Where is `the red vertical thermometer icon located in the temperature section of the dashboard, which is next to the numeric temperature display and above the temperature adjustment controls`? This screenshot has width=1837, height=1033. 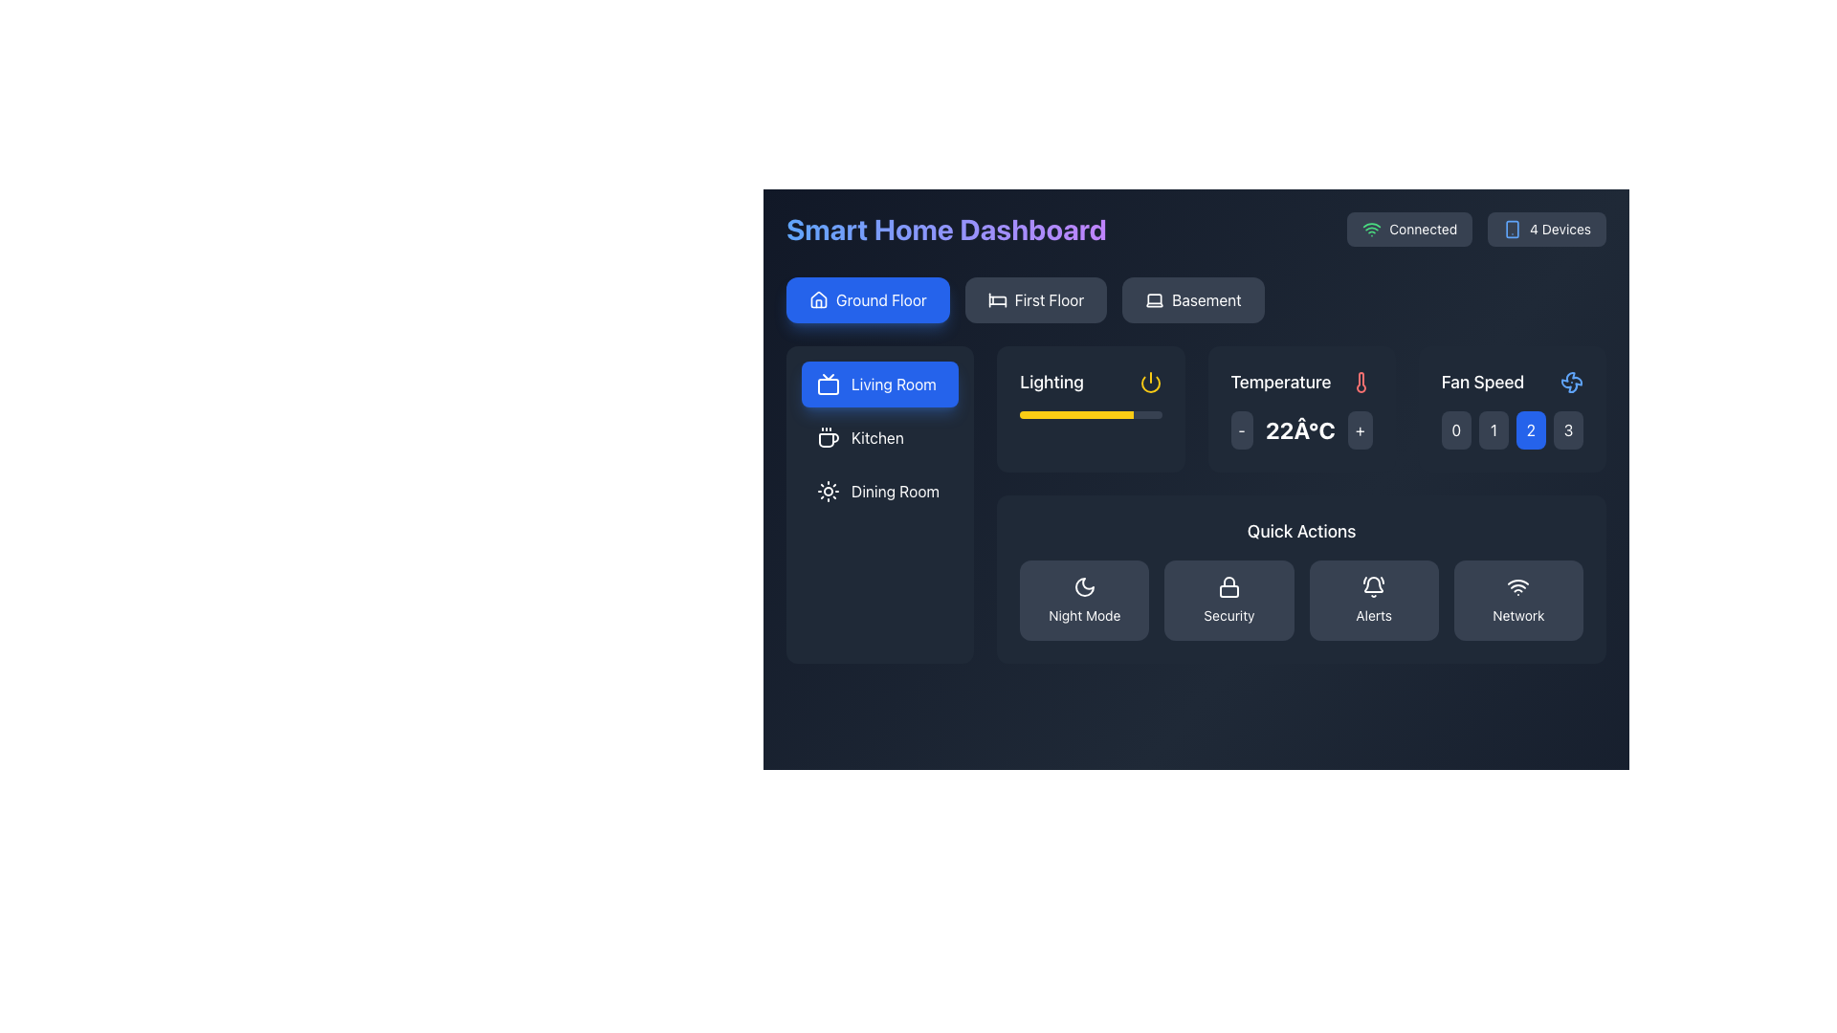 the red vertical thermometer icon located in the temperature section of the dashboard, which is next to the numeric temperature display and above the temperature adjustment controls is located at coordinates (1360, 383).